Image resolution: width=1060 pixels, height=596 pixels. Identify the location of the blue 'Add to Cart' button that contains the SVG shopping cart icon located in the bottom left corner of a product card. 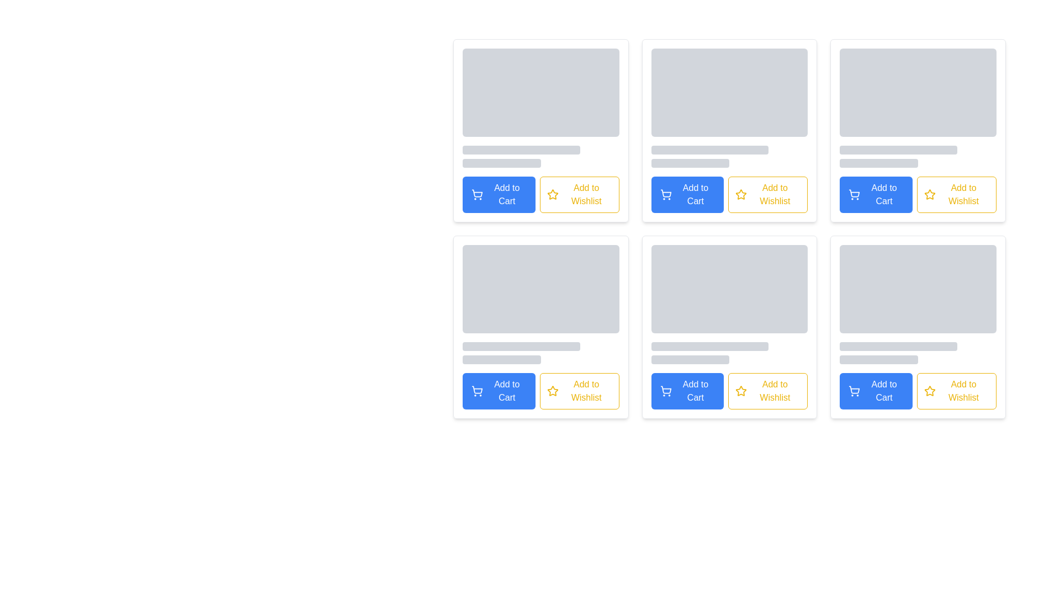
(854, 193).